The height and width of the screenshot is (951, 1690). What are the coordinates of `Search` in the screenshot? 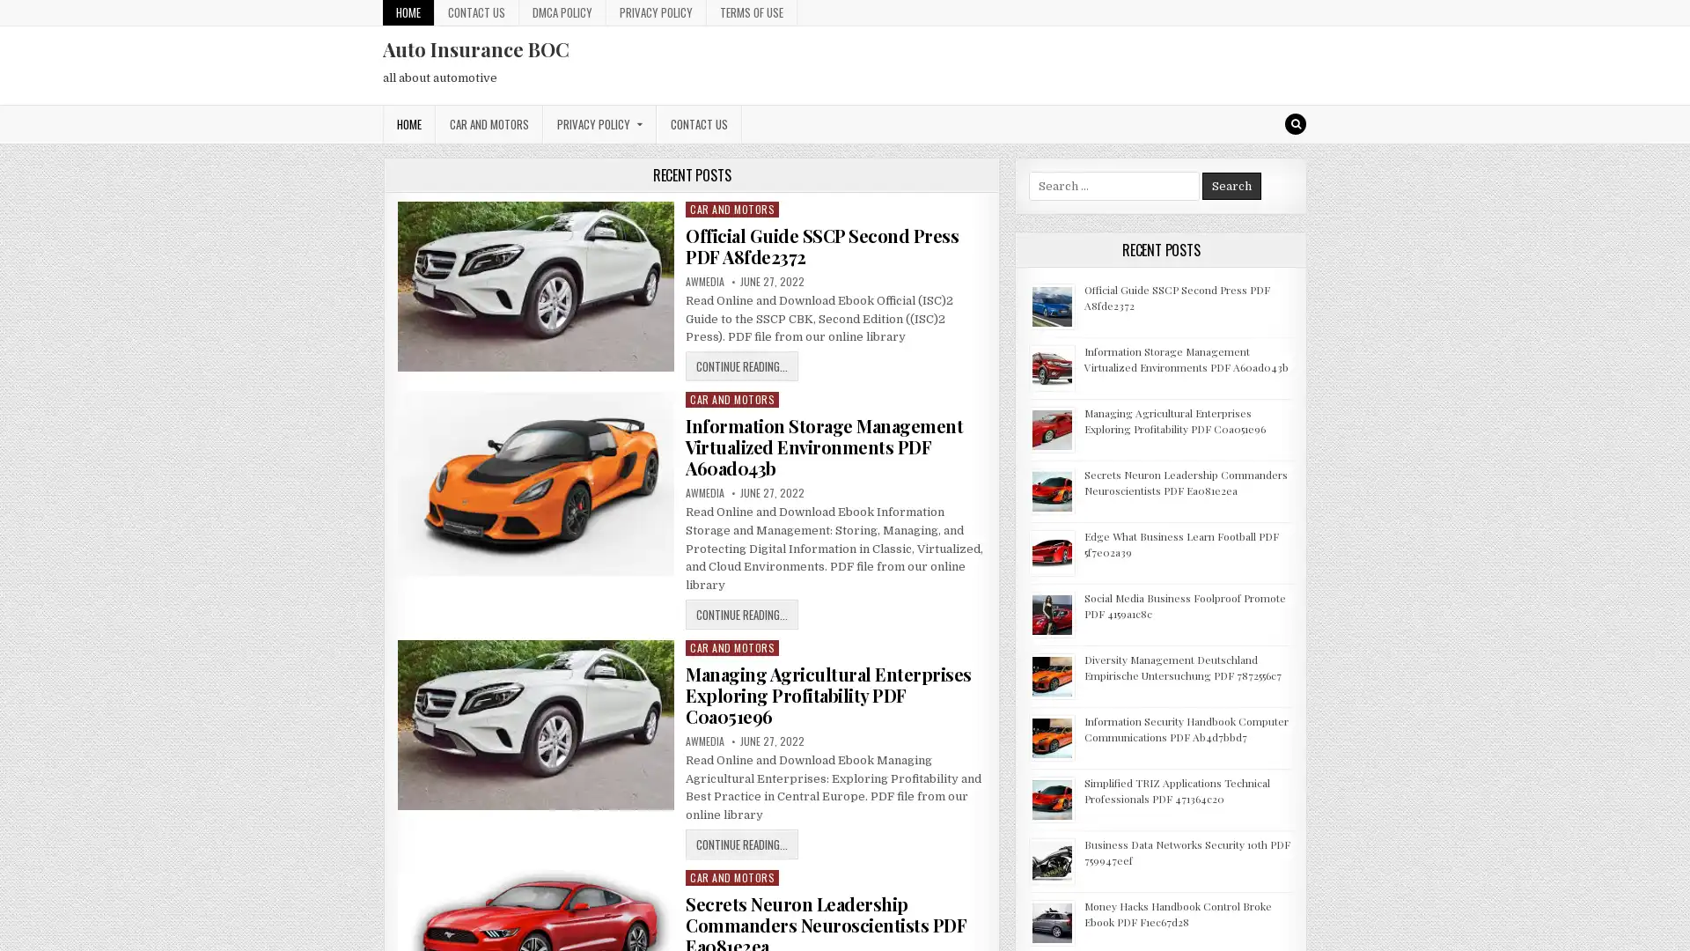 It's located at (1231, 186).